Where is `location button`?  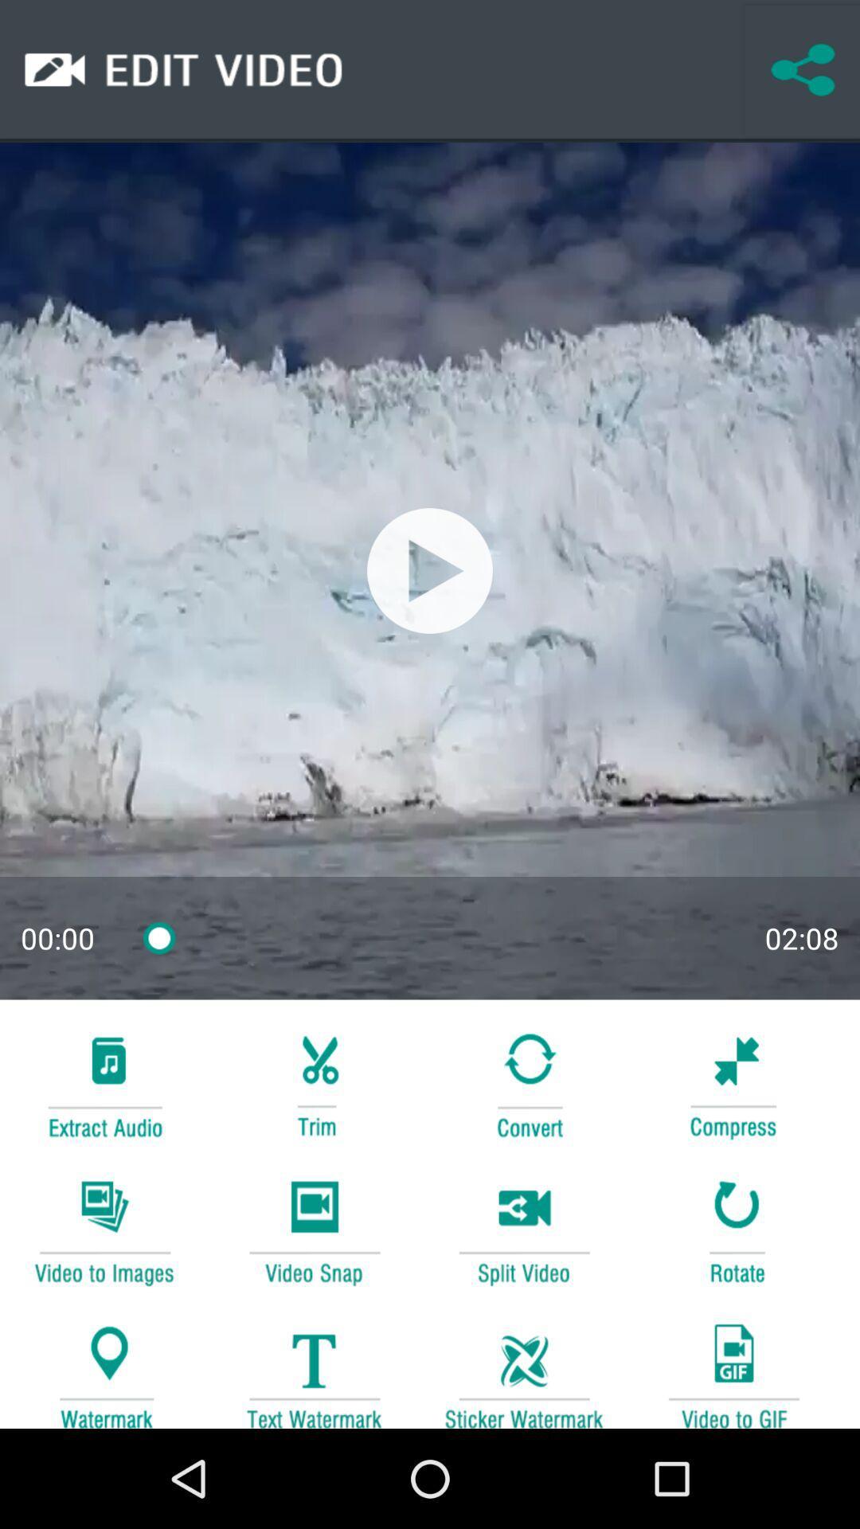 location button is located at coordinates (104, 1367).